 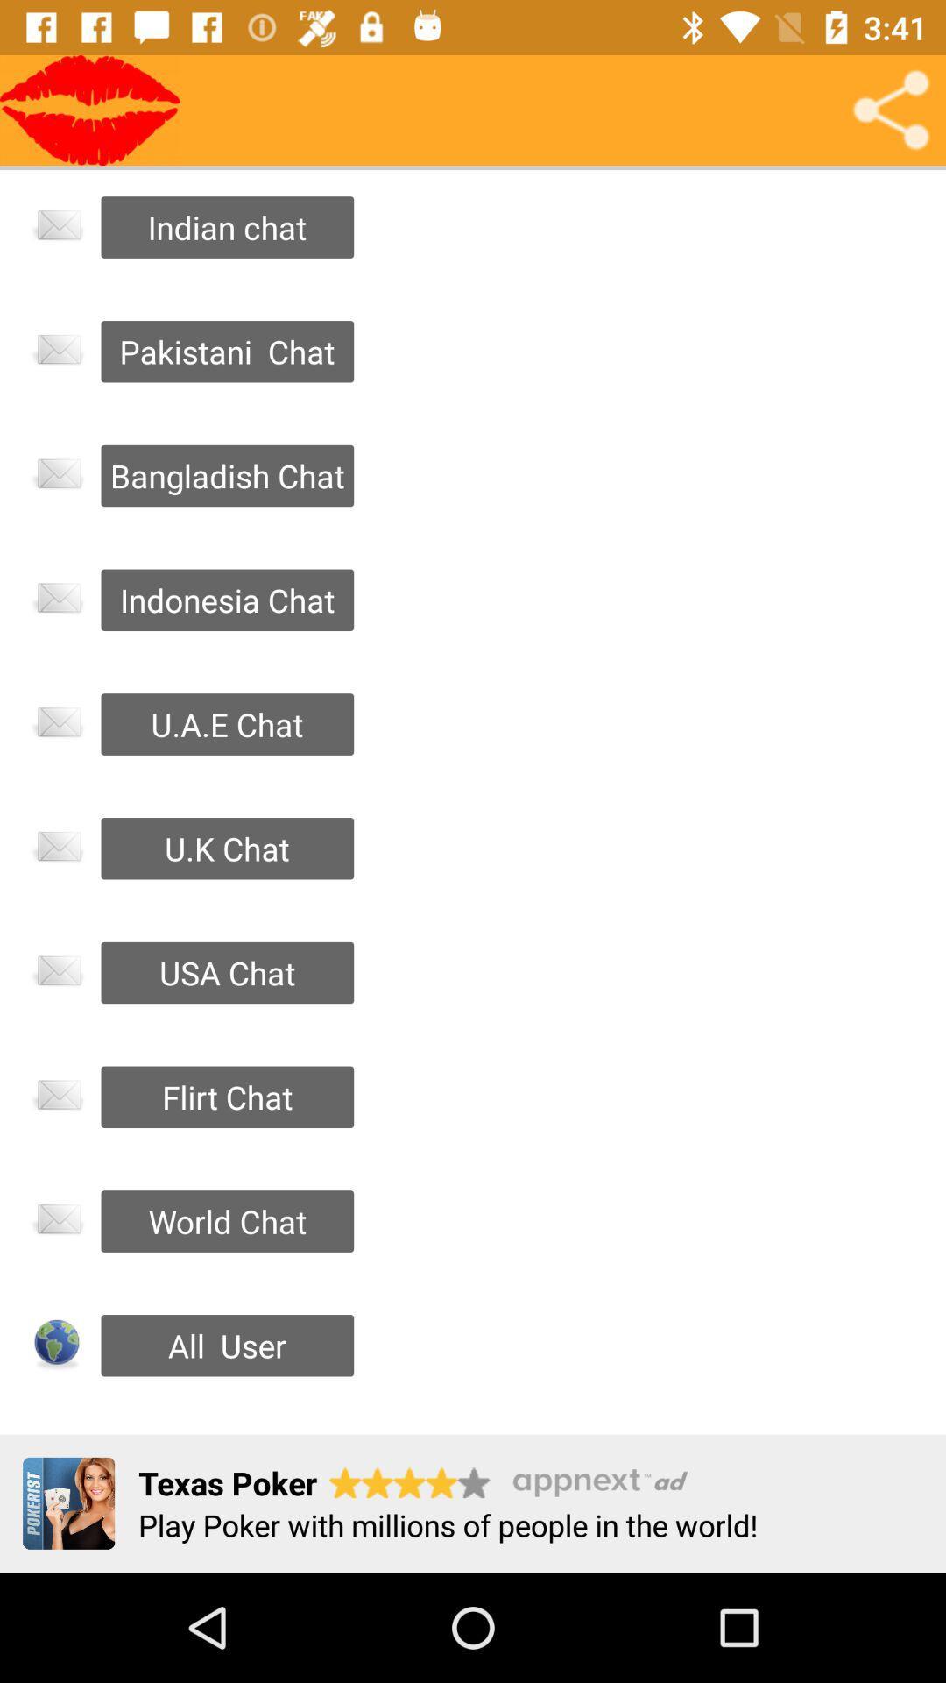 I want to click on share the content, so click(x=891, y=109).